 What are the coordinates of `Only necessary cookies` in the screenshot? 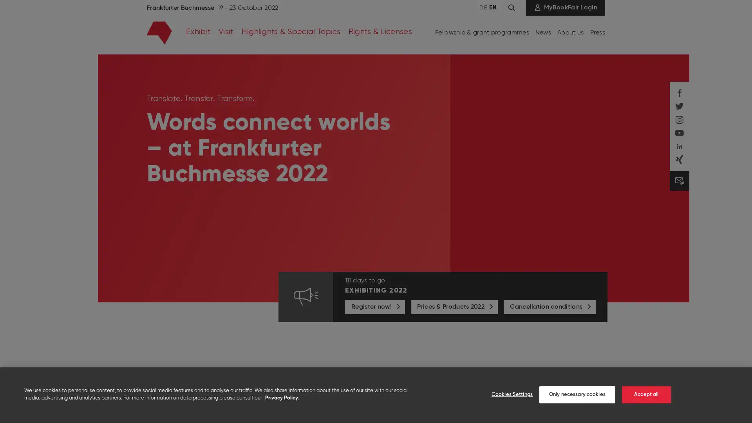 It's located at (577, 394).